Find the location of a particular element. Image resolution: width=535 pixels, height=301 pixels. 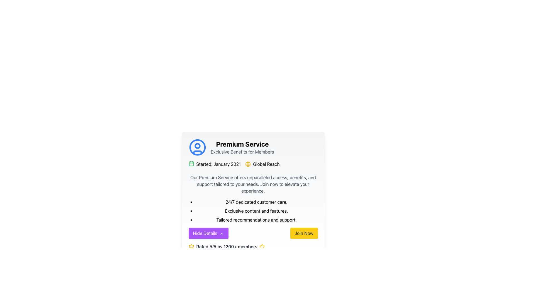

the text label reading 'Started: January 2021' with the green calendar icon on the left, located in the top section of the 'Premium Service' card is located at coordinates (214, 164).